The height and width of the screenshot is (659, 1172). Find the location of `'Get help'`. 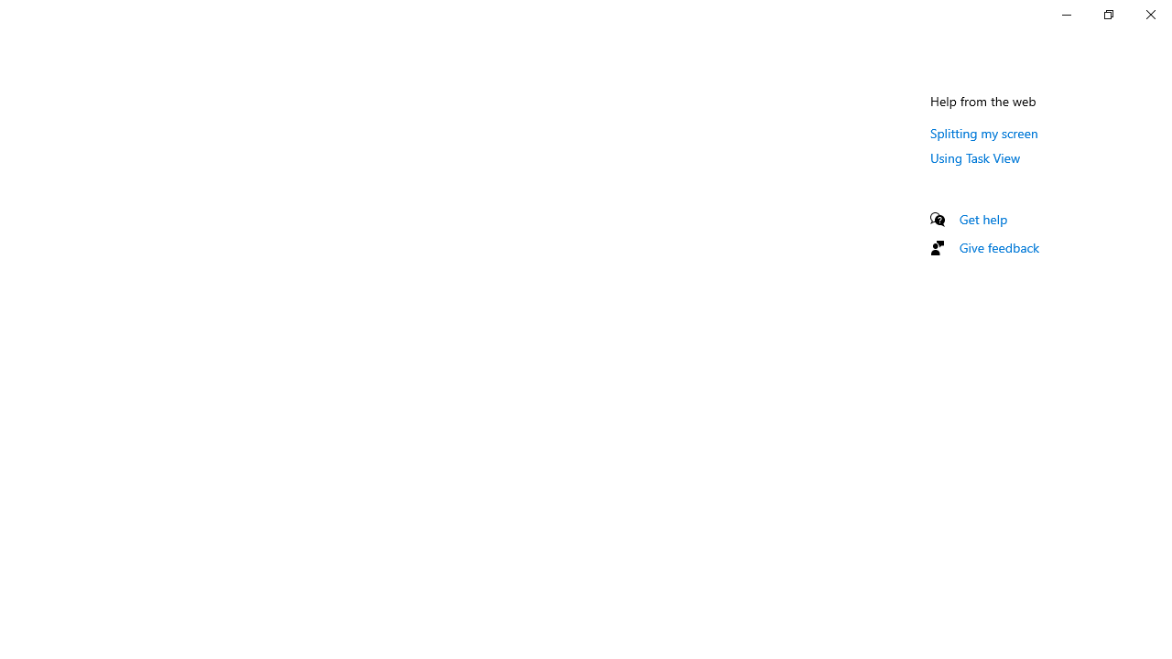

'Get help' is located at coordinates (982, 218).